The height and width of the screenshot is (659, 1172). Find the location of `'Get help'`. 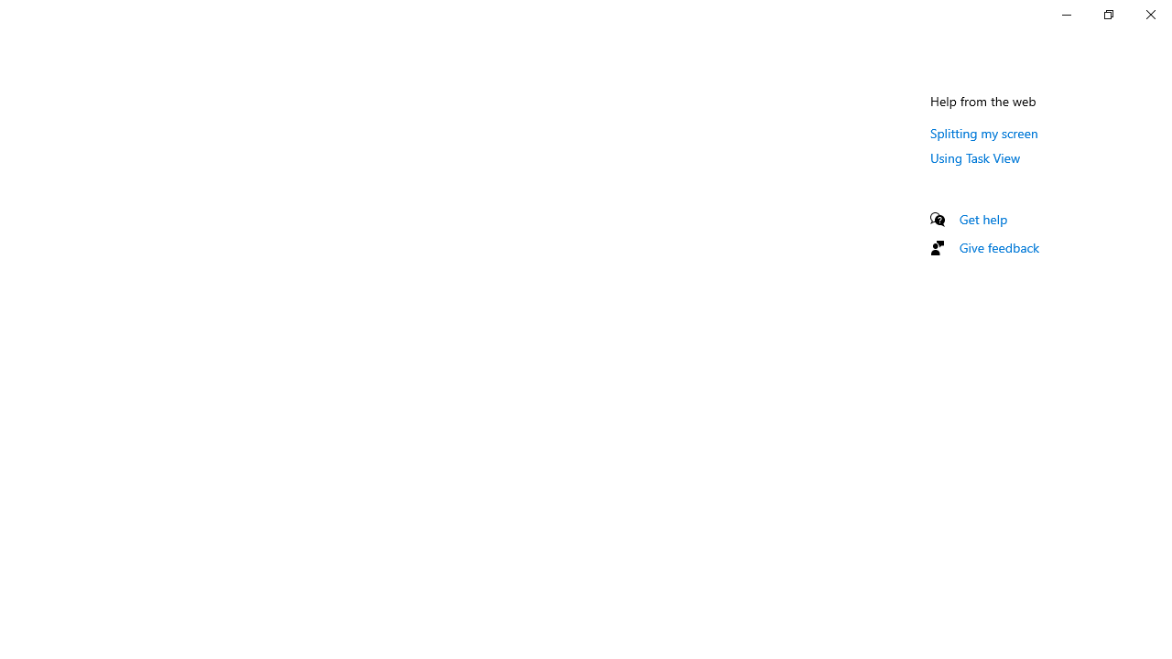

'Get help' is located at coordinates (982, 218).